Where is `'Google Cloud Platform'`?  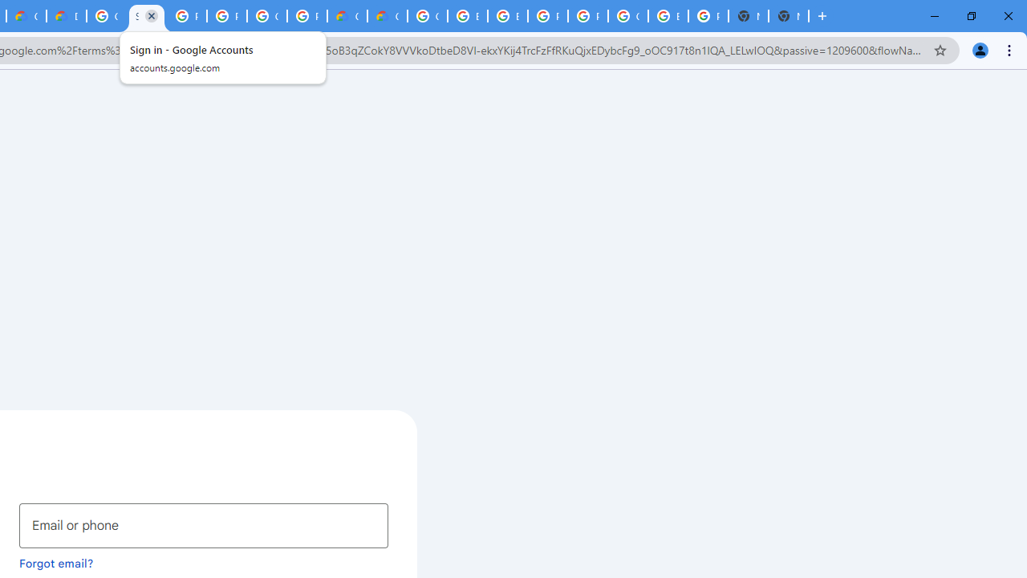
'Google Cloud Platform' is located at coordinates (267, 16).